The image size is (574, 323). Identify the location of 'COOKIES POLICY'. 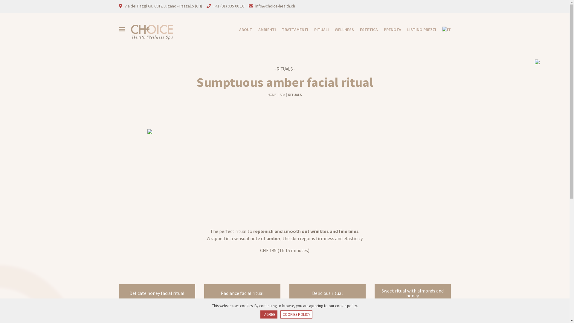
(296, 314).